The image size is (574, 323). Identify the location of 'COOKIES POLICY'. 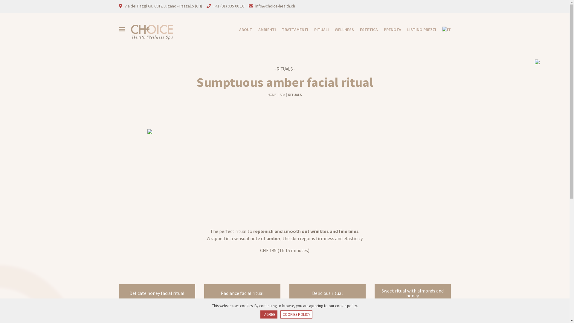
(296, 314).